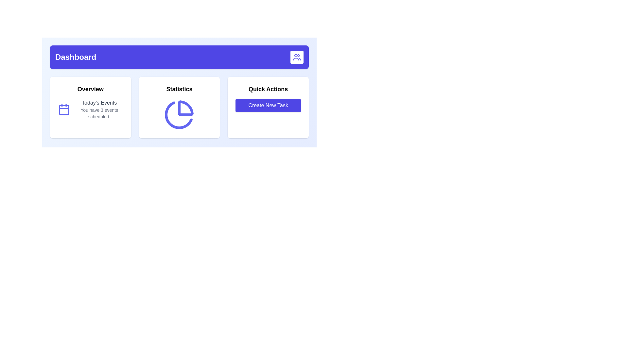 This screenshot has height=353, width=628. What do you see at coordinates (64, 109) in the screenshot?
I see `the calendar icon` at bounding box center [64, 109].